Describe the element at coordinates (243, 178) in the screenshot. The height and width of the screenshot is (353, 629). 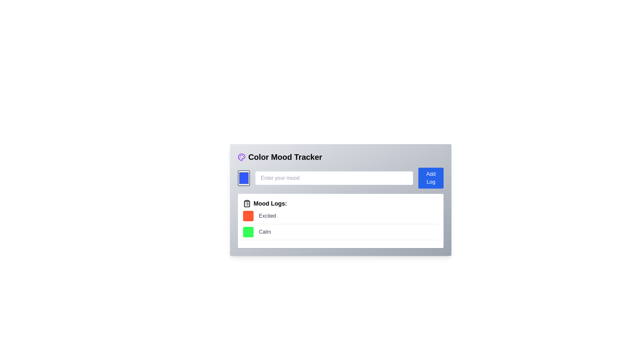
I see `the color picker box, which is a small square with a blue fill and gray border, located in the mood logs layout` at that location.